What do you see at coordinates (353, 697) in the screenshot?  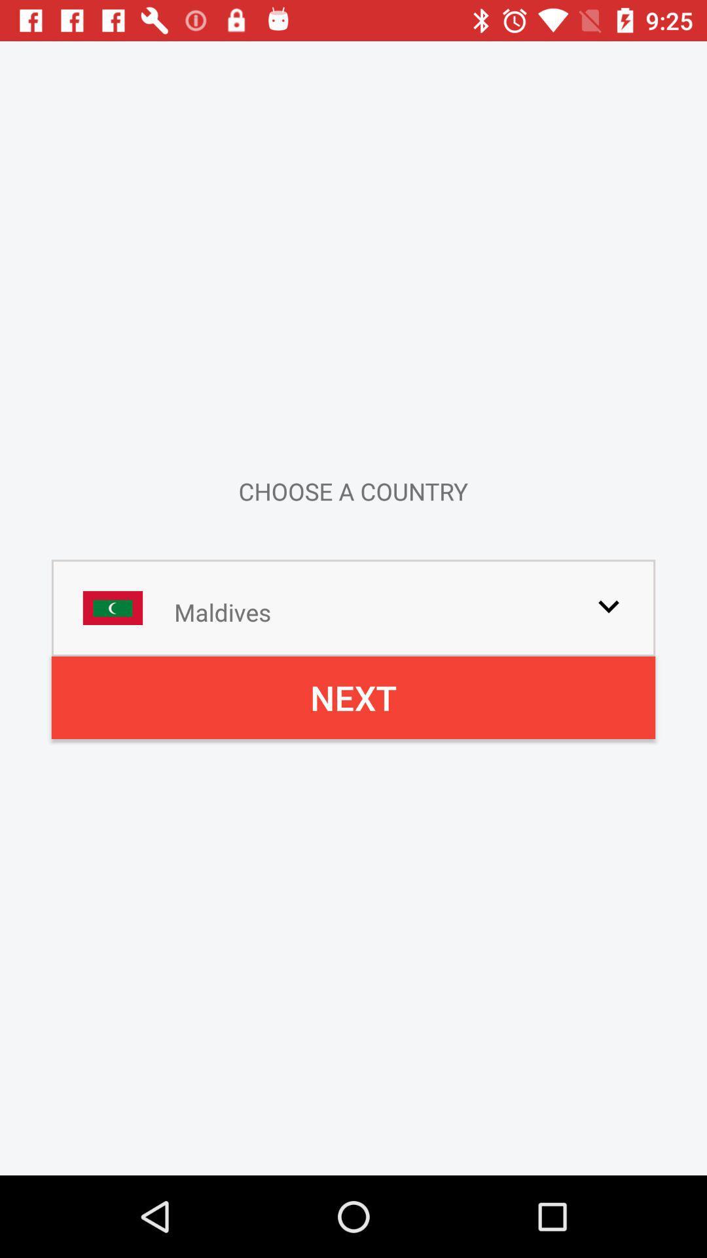 I see `the next icon` at bounding box center [353, 697].